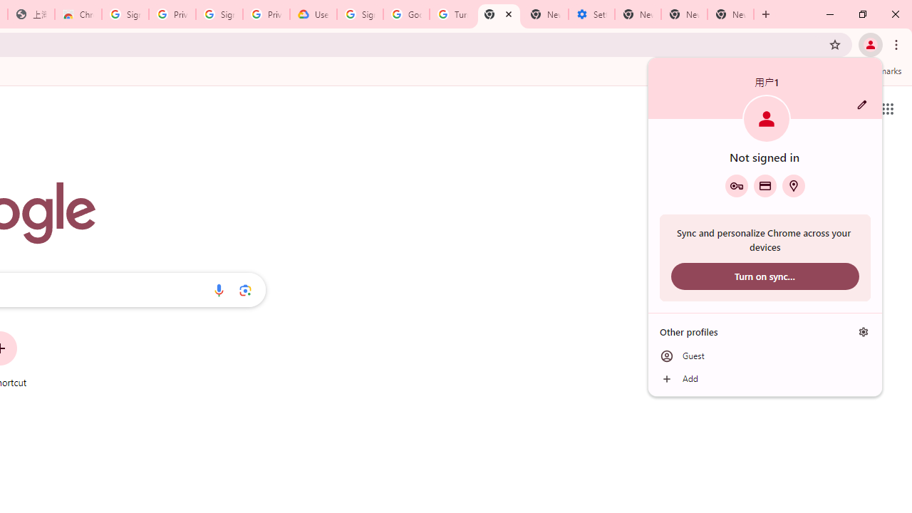 This screenshot has height=513, width=912. I want to click on 'Google Password Manager', so click(736, 185).